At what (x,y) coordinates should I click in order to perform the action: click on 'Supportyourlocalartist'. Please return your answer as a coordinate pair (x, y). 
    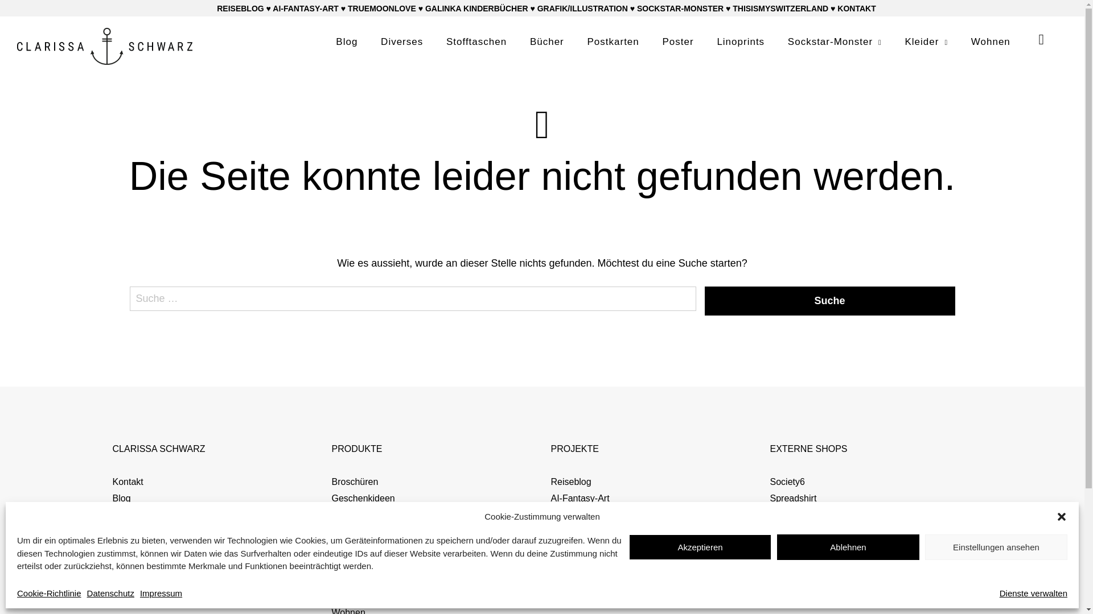
    Looking at the image, I should click on (813, 530).